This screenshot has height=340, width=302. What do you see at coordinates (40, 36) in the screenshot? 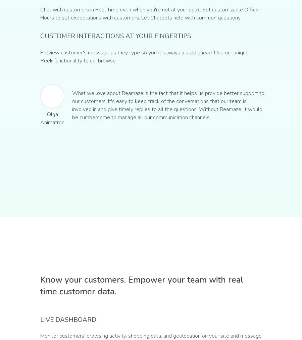
I see `'Customer Interactions at your Fingertips'` at bounding box center [40, 36].